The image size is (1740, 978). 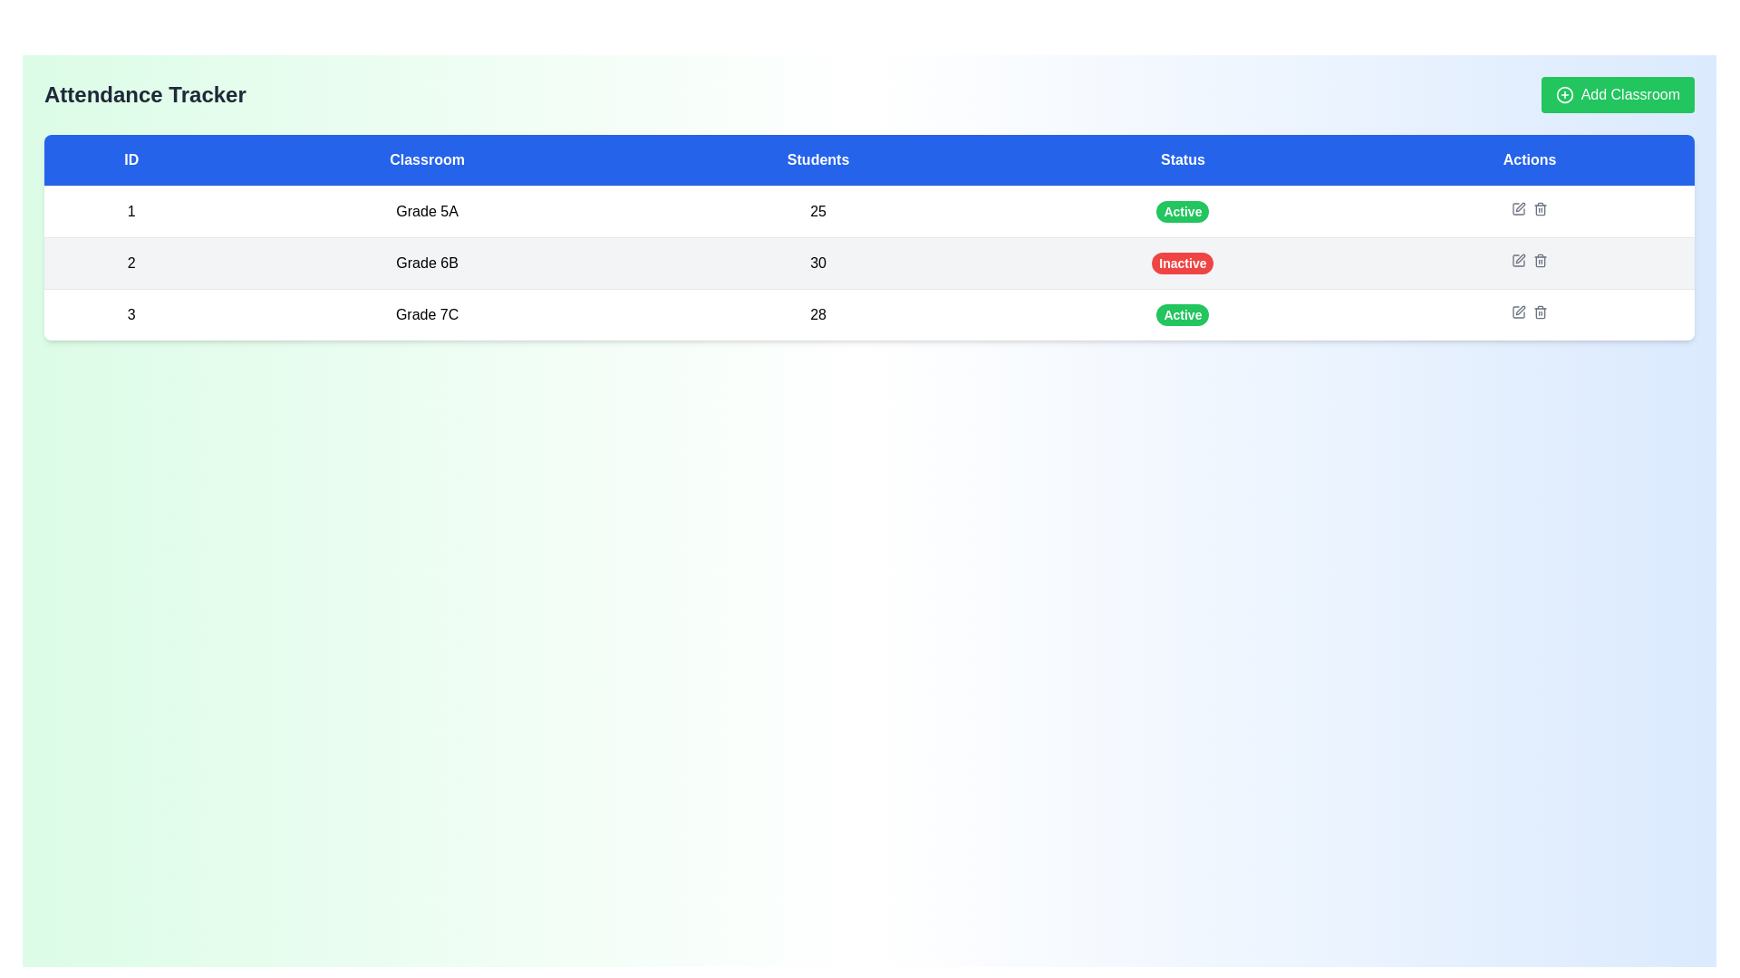 I want to click on the text label displaying 'Grade 6B' in the second row of the table under the 'Classroom' column, so click(x=426, y=263).